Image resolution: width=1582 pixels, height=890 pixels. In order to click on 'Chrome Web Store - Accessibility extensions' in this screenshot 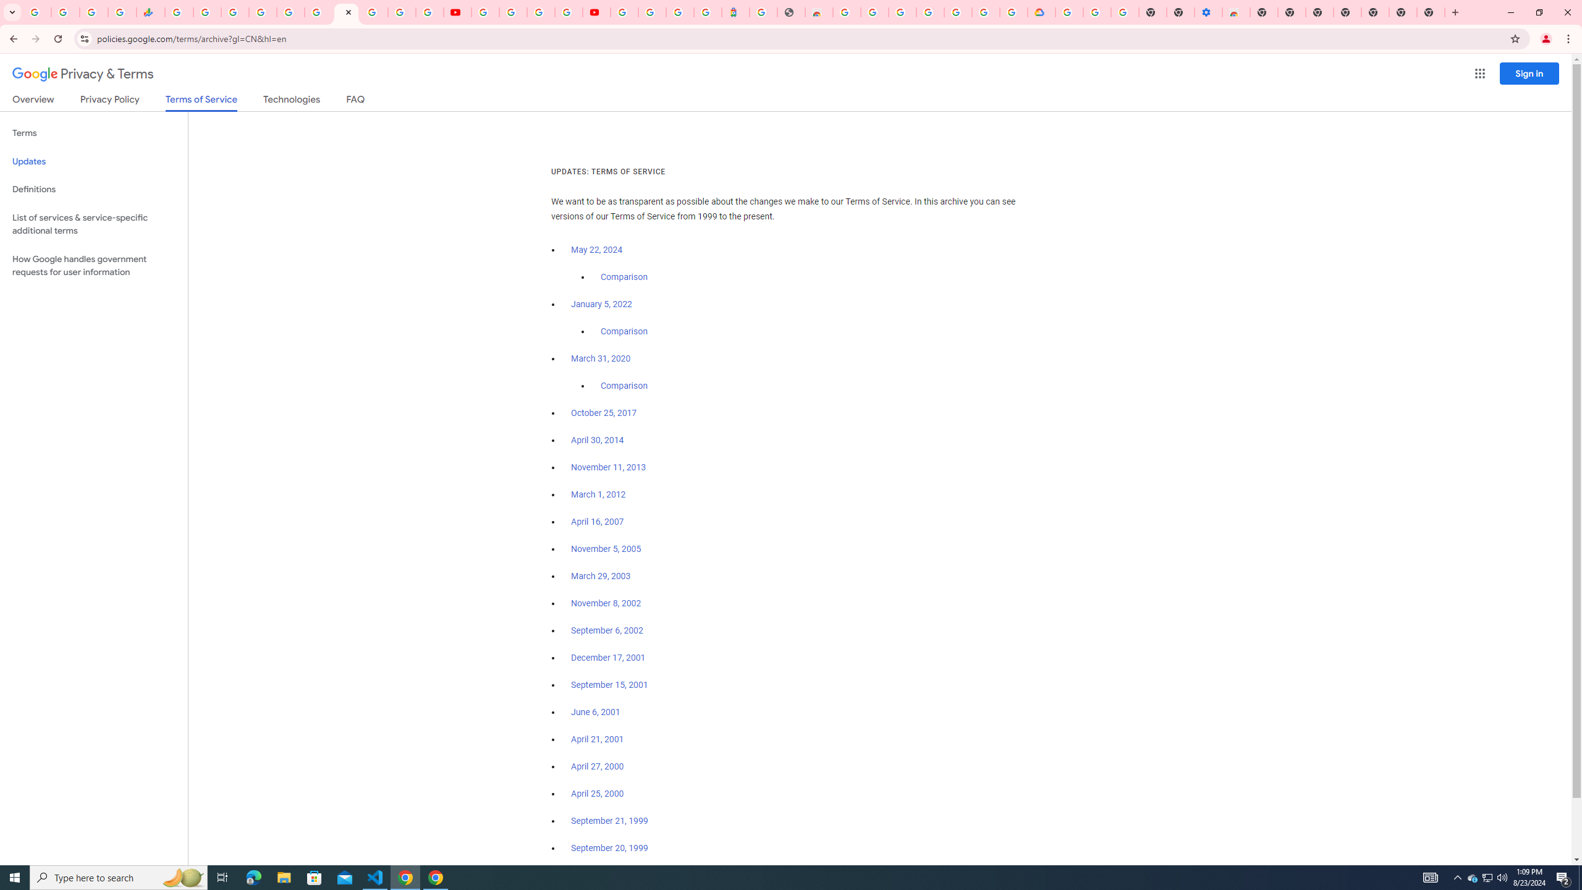, I will do `click(1236, 12)`.